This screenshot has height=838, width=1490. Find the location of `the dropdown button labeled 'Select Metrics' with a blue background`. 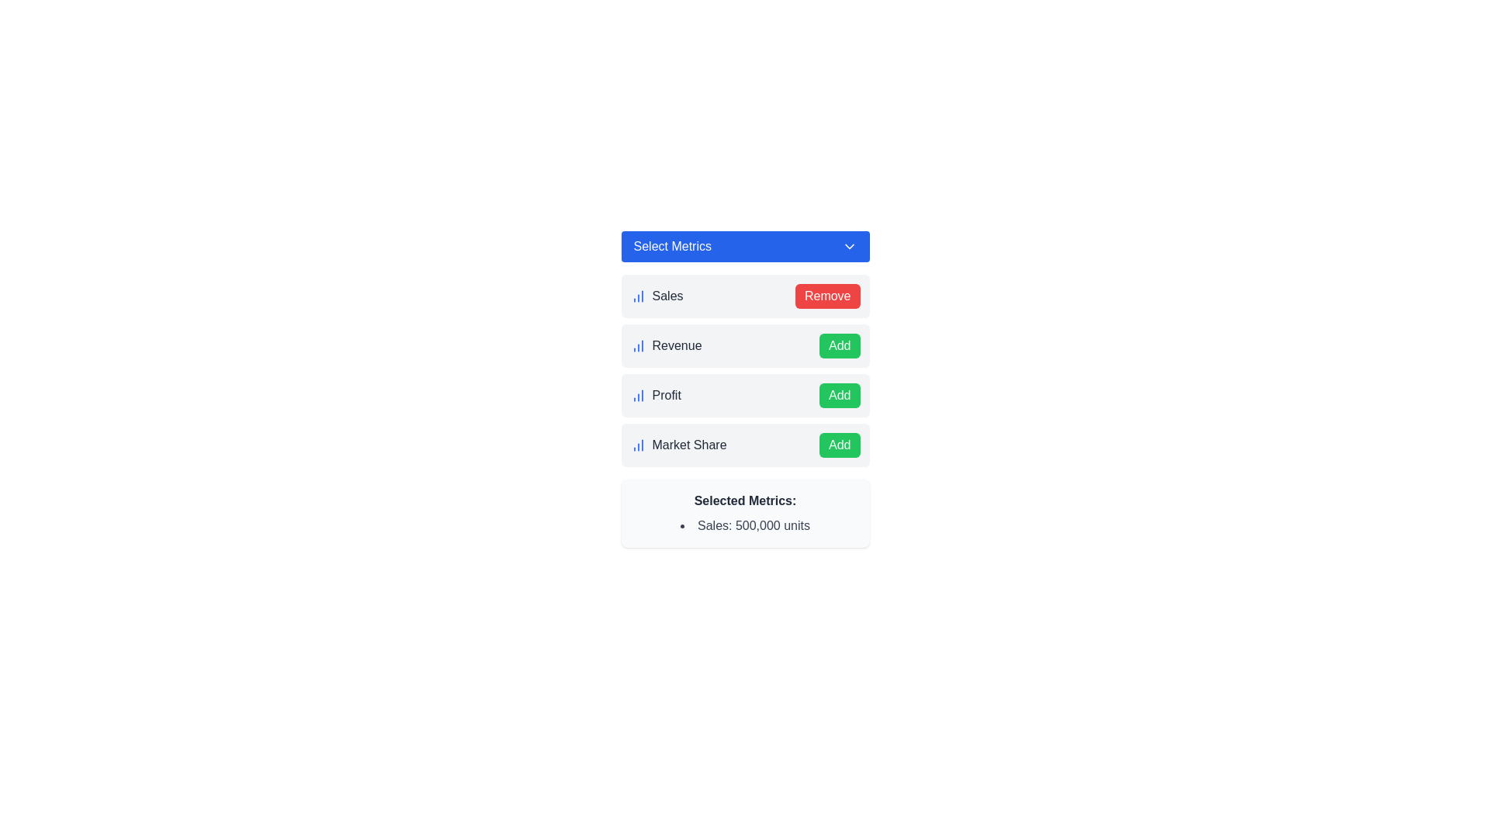

the dropdown button labeled 'Select Metrics' with a blue background is located at coordinates (745, 245).